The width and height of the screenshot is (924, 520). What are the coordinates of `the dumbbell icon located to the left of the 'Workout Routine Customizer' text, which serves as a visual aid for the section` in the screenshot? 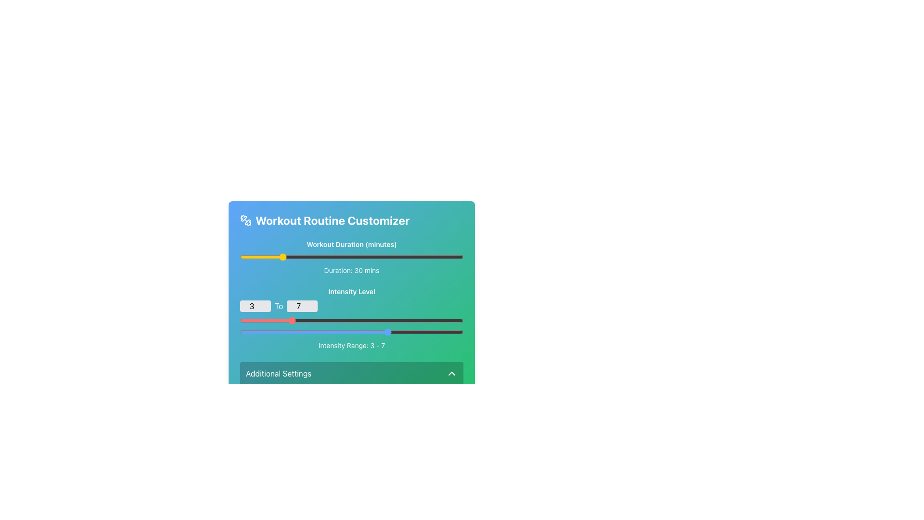 It's located at (245, 221).